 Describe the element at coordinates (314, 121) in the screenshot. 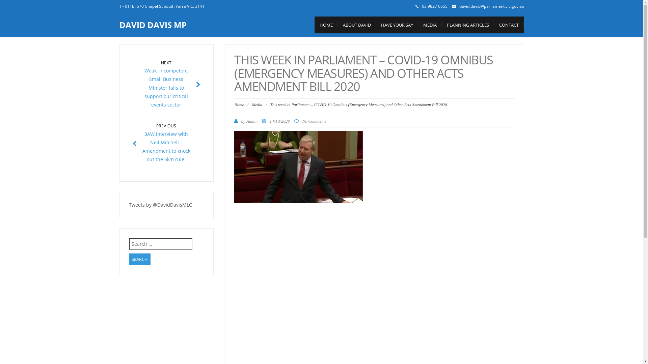

I see `'No Comments'` at that location.